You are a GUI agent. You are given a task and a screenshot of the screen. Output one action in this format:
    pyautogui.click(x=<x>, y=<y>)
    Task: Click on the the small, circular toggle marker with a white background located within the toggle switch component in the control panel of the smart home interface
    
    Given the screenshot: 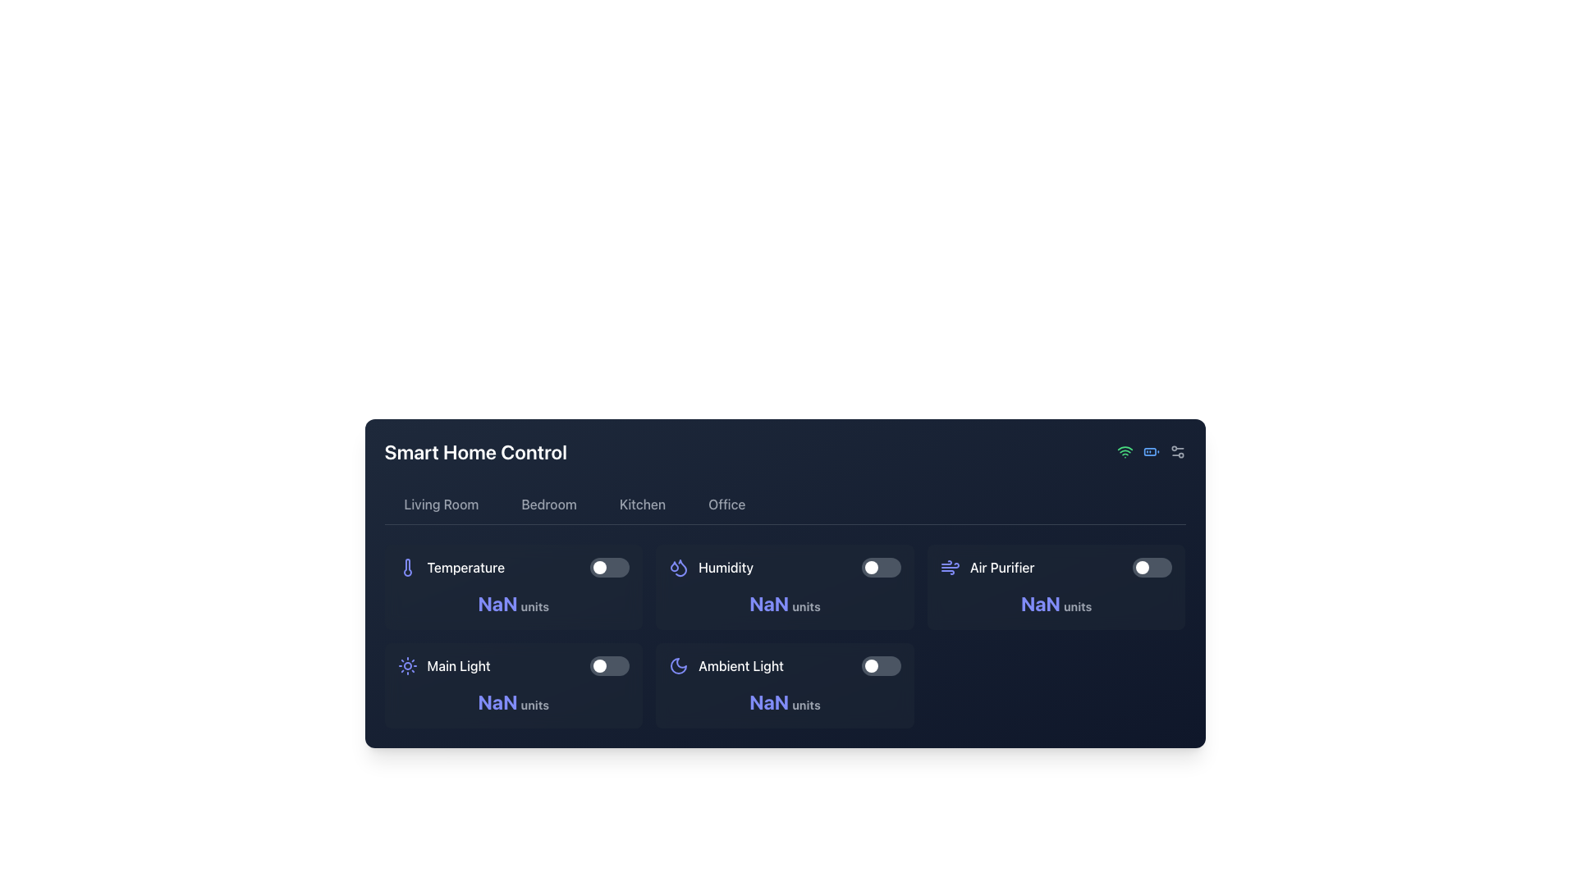 What is the action you would take?
    pyautogui.click(x=870, y=566)
    